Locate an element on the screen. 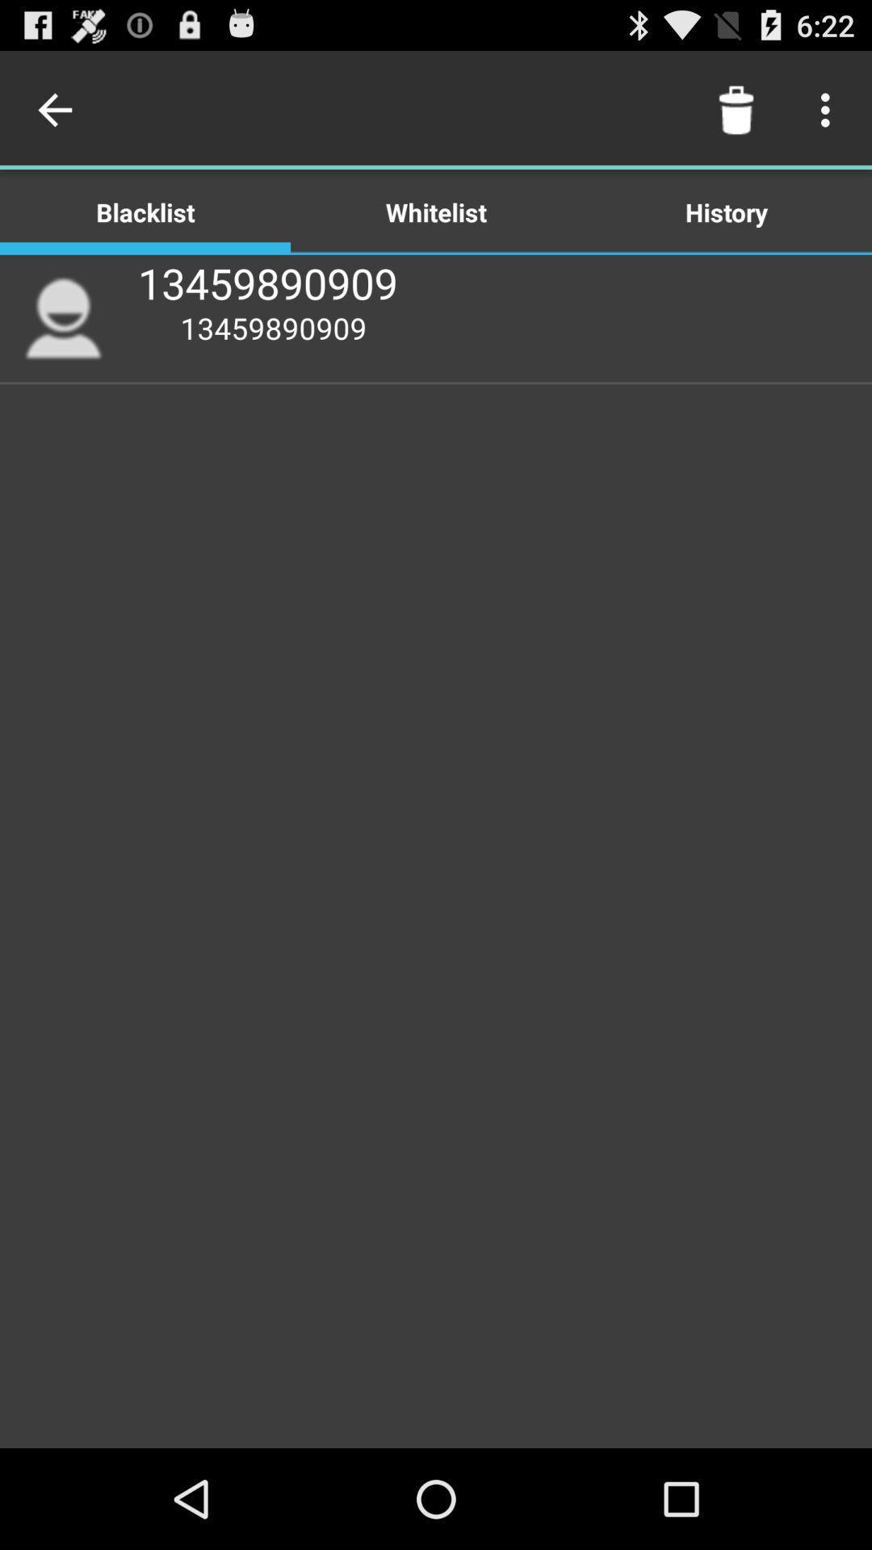 The image size is (872, 1550). the blacklist is located at coordinates (145, 211).